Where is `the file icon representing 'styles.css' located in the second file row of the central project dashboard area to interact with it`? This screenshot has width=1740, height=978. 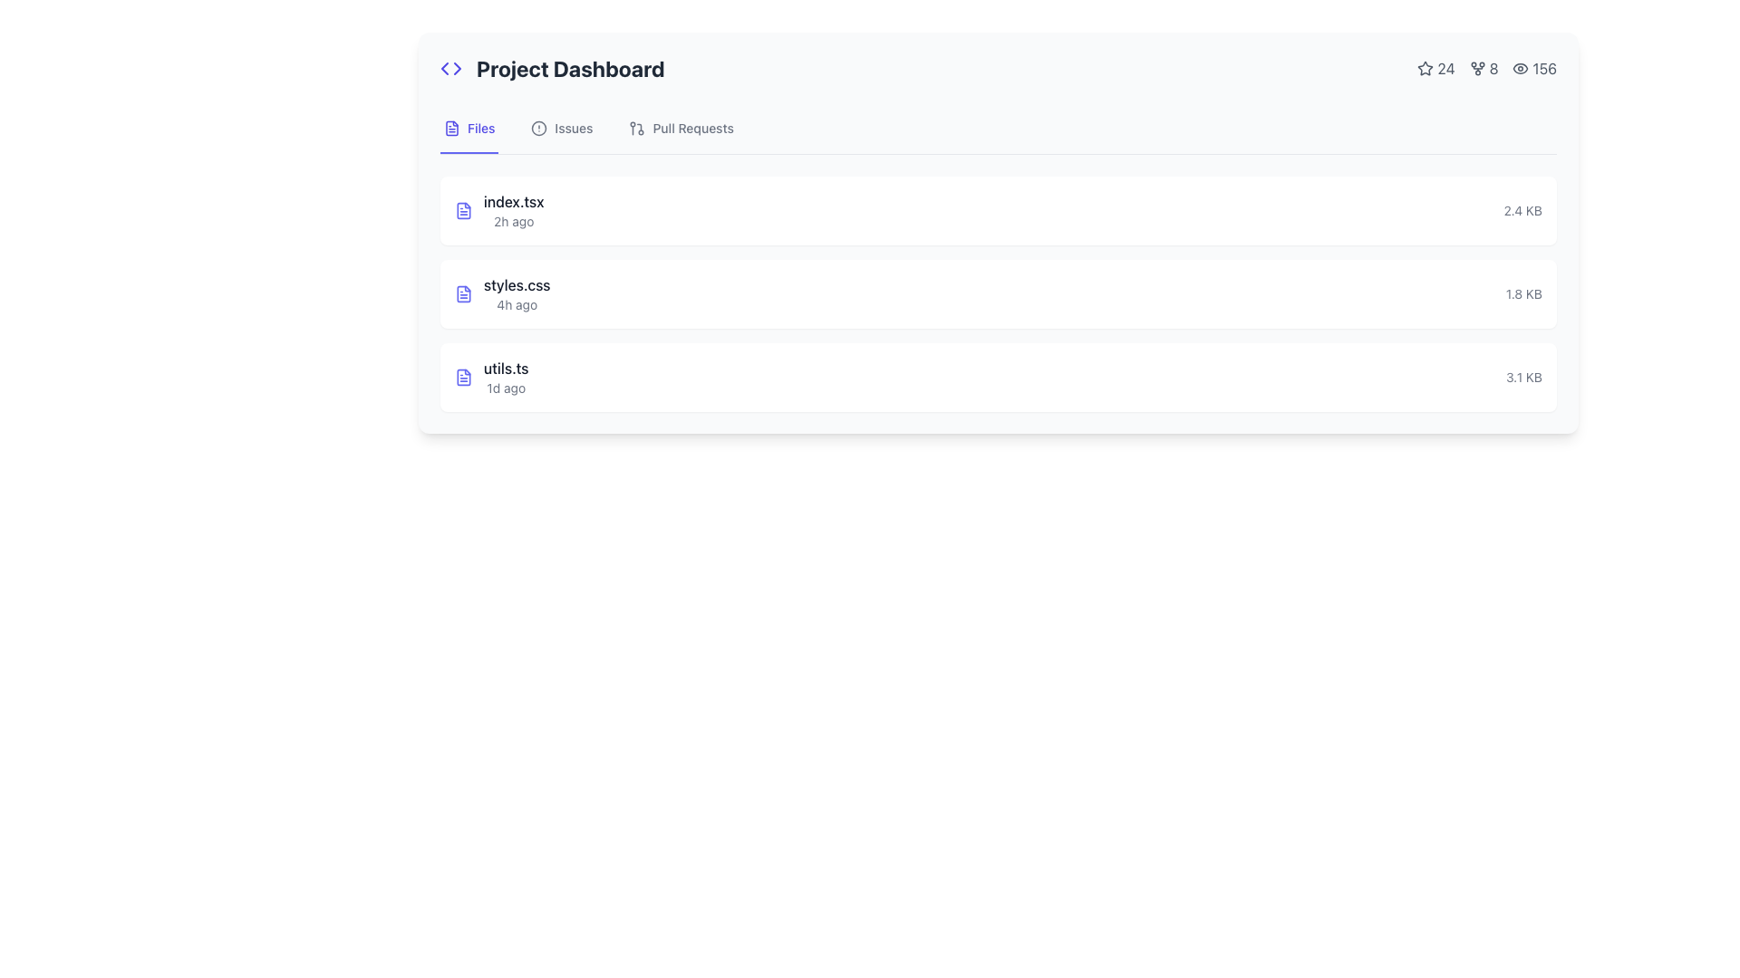 the file icon representing 'styles.css' located in the second file row of the central project dashboard area to interact with it is located at coordinates (464, 292).